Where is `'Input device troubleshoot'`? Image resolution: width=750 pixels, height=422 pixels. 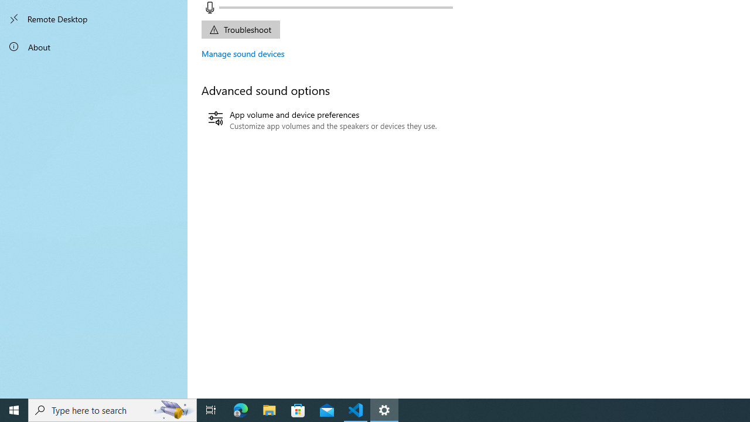 'Input device troubleshoot' is located at coordinates (240, 29).